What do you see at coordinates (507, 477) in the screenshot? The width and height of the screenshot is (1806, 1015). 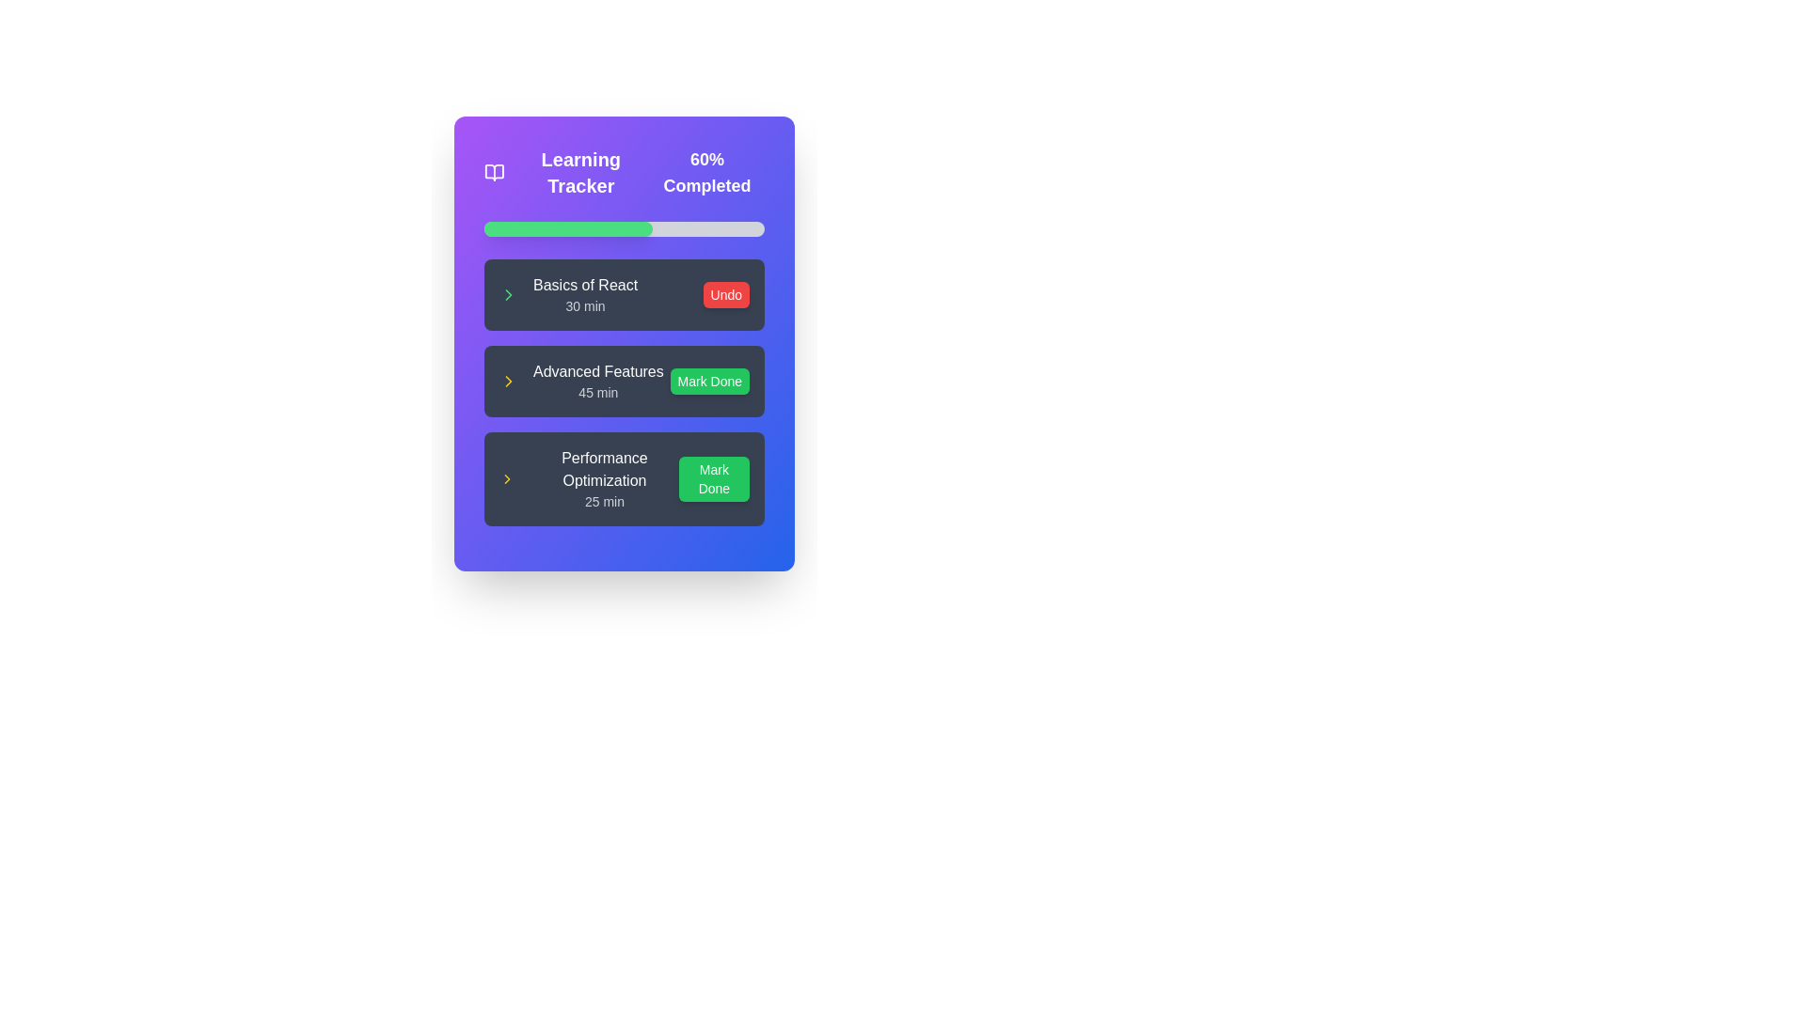 I see `the Icon Button located on the left side of the card labeled 'Performance Optimization', which is the third card in the vertical list of learning topics` at bounding box center [507, 477].